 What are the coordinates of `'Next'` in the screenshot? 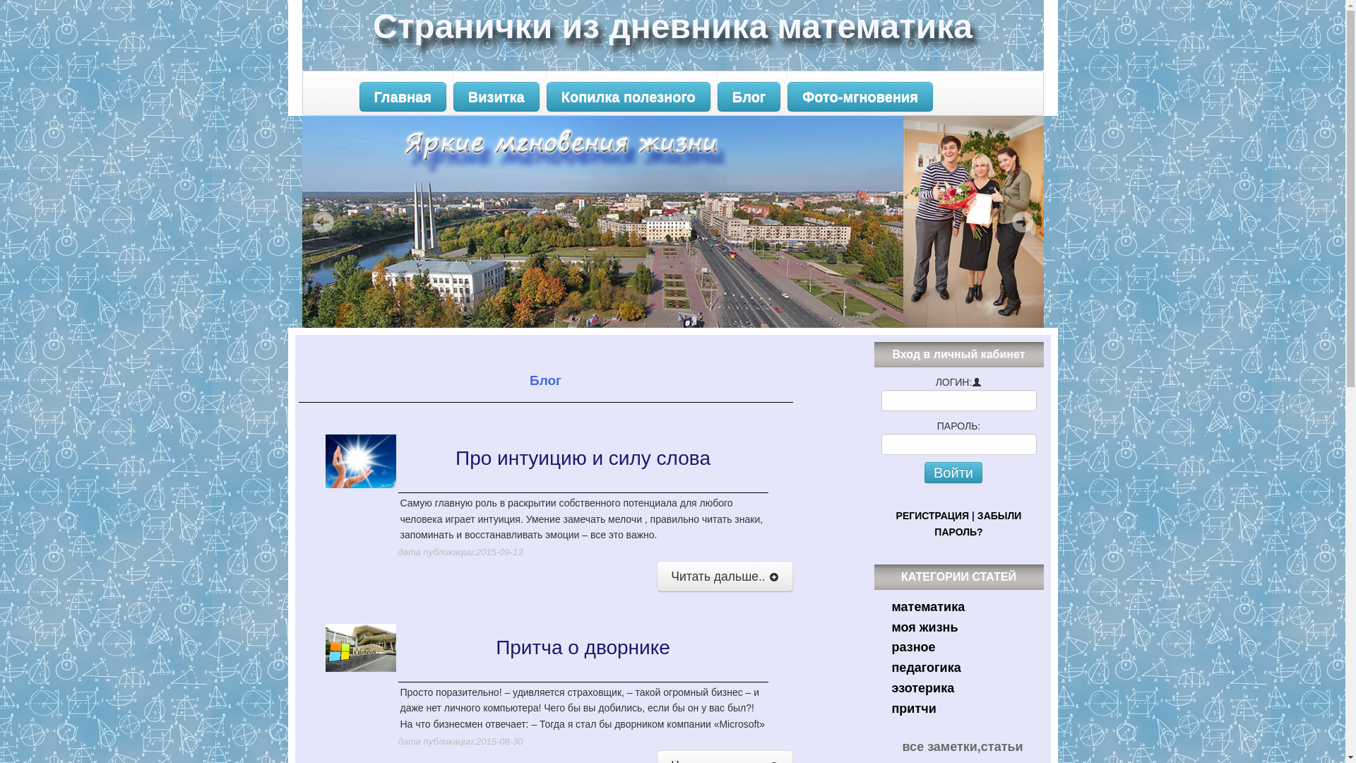 It's located at (1010, 221).